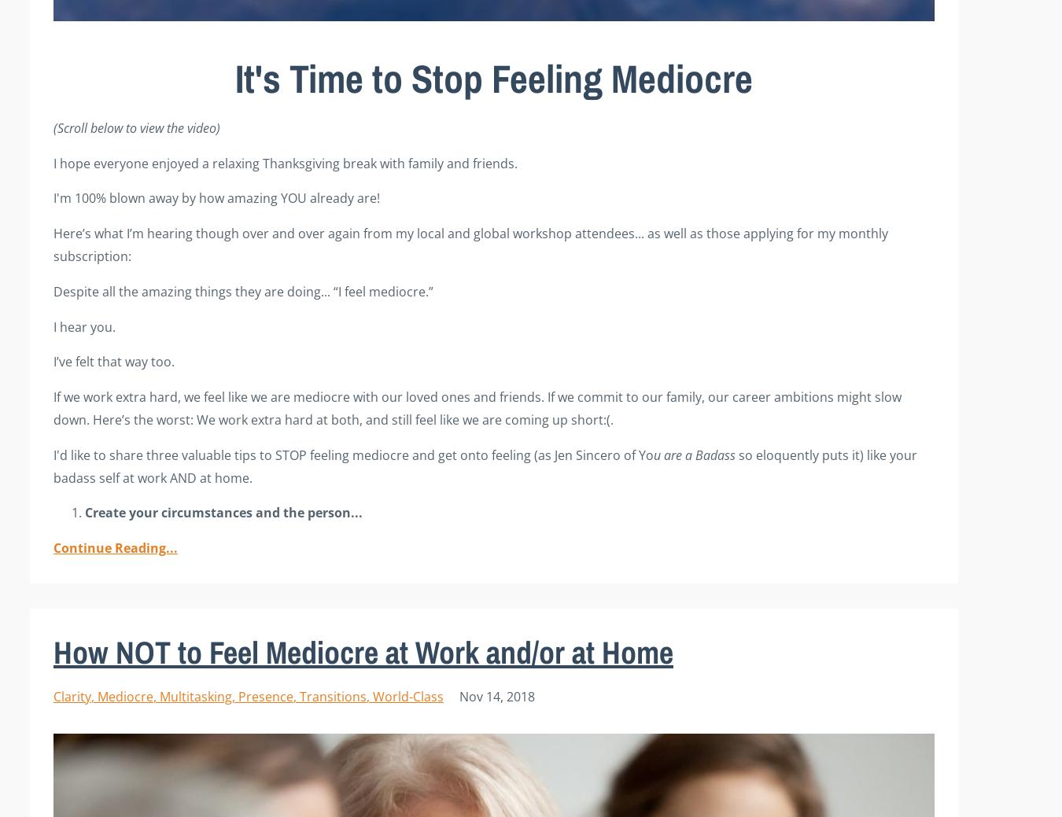 The height and width of the screenshot is (817, 1062). What do you see at coordinates (696, 454) in the screenshot?
I see `'u are a Badass'` at bounding box center [696, 454].